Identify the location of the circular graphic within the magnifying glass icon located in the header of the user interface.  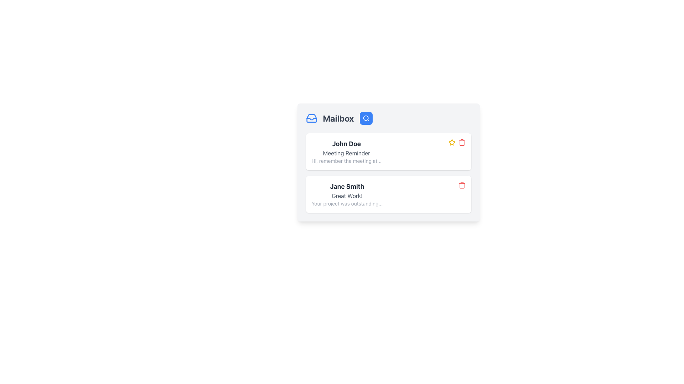
(366, 118).